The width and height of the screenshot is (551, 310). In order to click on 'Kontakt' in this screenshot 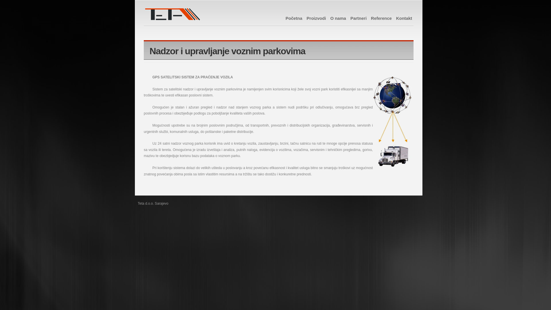, I will do `click(396, 18)`.